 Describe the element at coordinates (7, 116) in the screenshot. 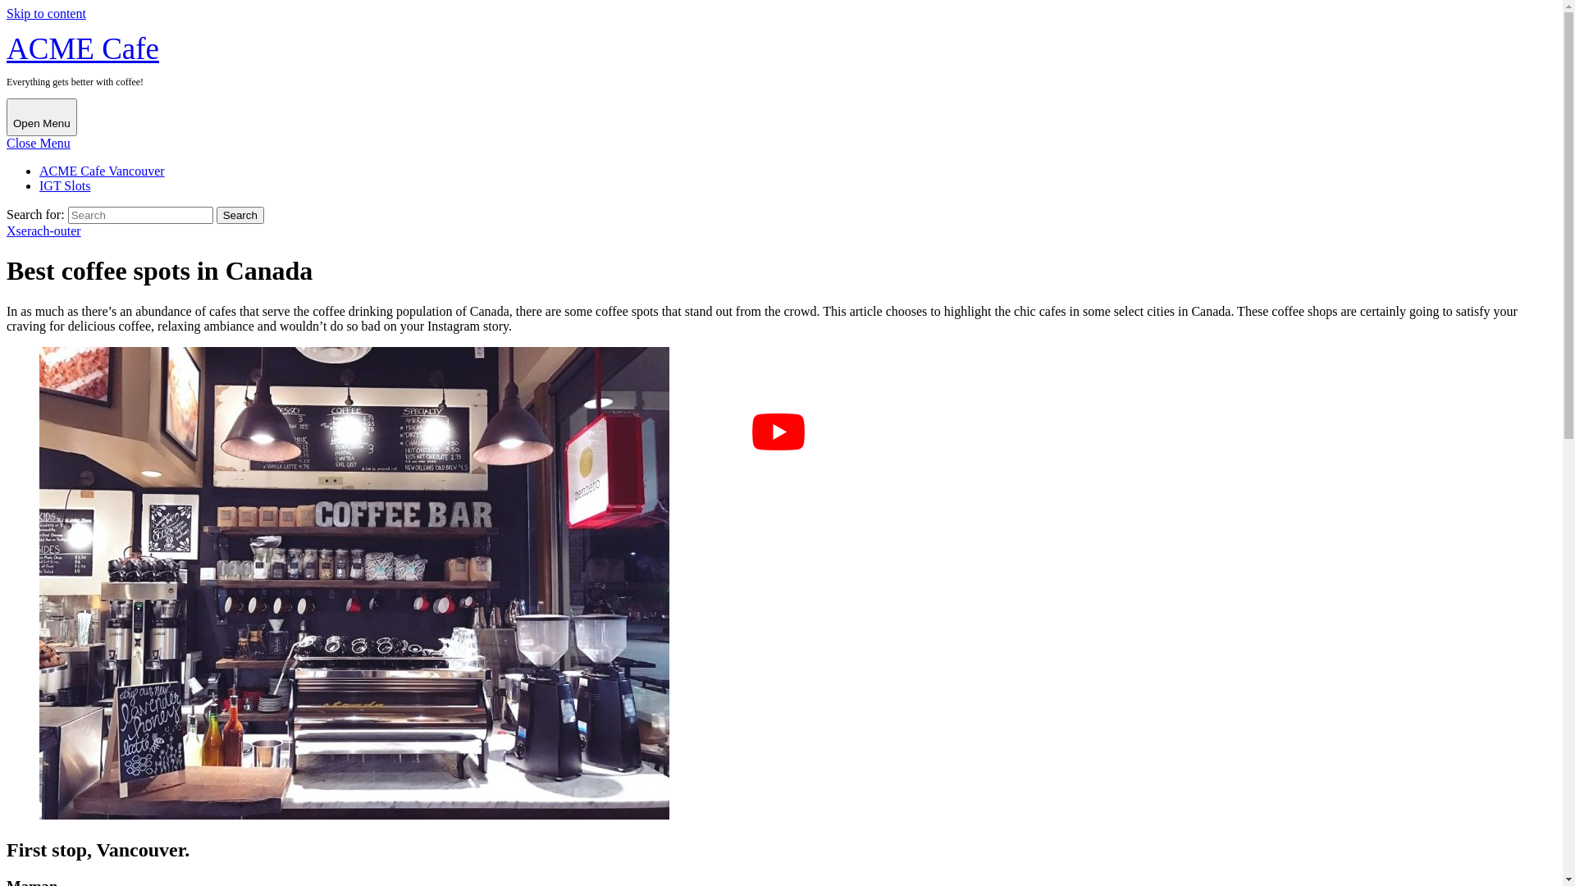

I see `'Open Menu'` at that location.